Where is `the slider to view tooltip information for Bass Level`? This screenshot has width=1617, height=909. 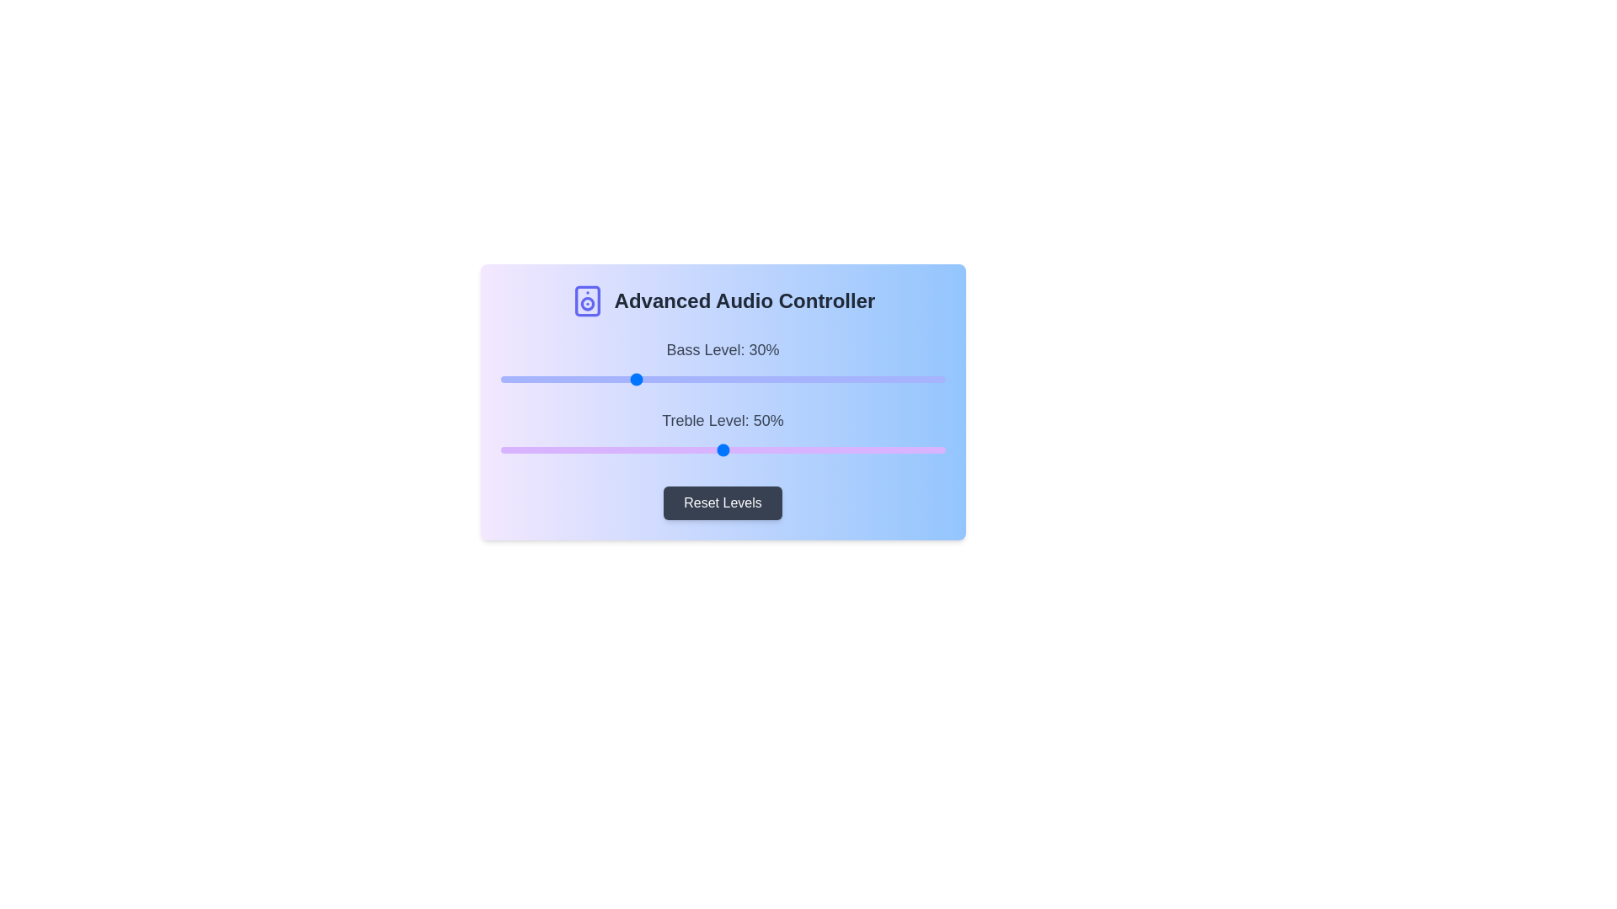 the slider to view tooltip information for Bass Level is located at coordinates (723, 380).